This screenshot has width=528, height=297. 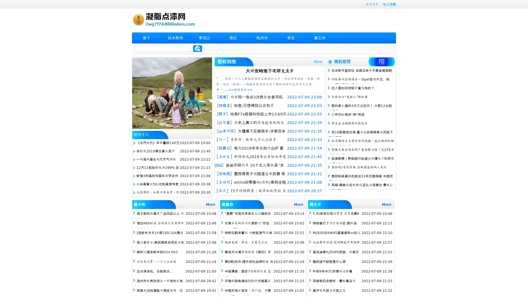 What do you see at coordinates (197, 48) in the screenshot?
I see `Search` at bounding box center [197, 48].